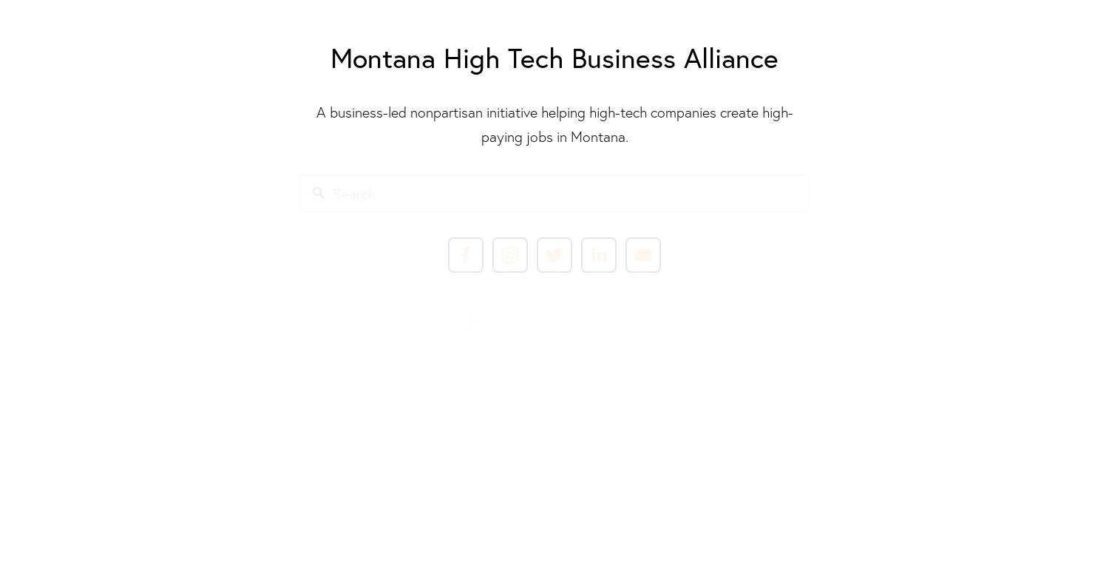  Describe the element at coordinates (554, 55) in the screenshot. I see `'Montana High Tech Business Alliance'` at that location.